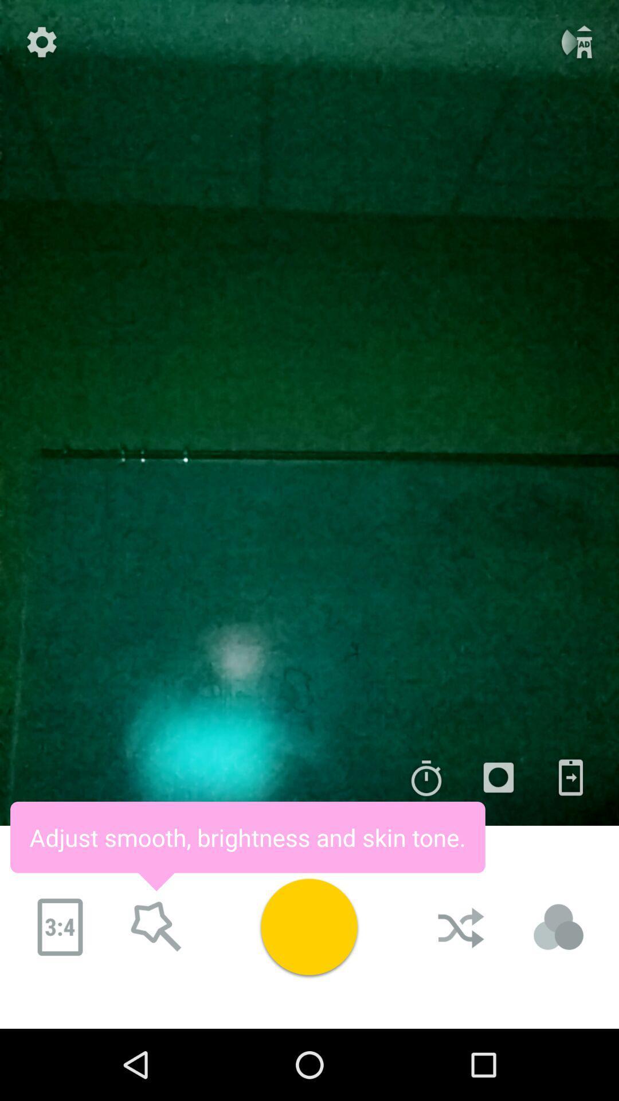 The image size is (619, 1101). What do you see at coordinates (570, 778) in the screenshot?
I see `share the image` at bounding box center [570, 778].